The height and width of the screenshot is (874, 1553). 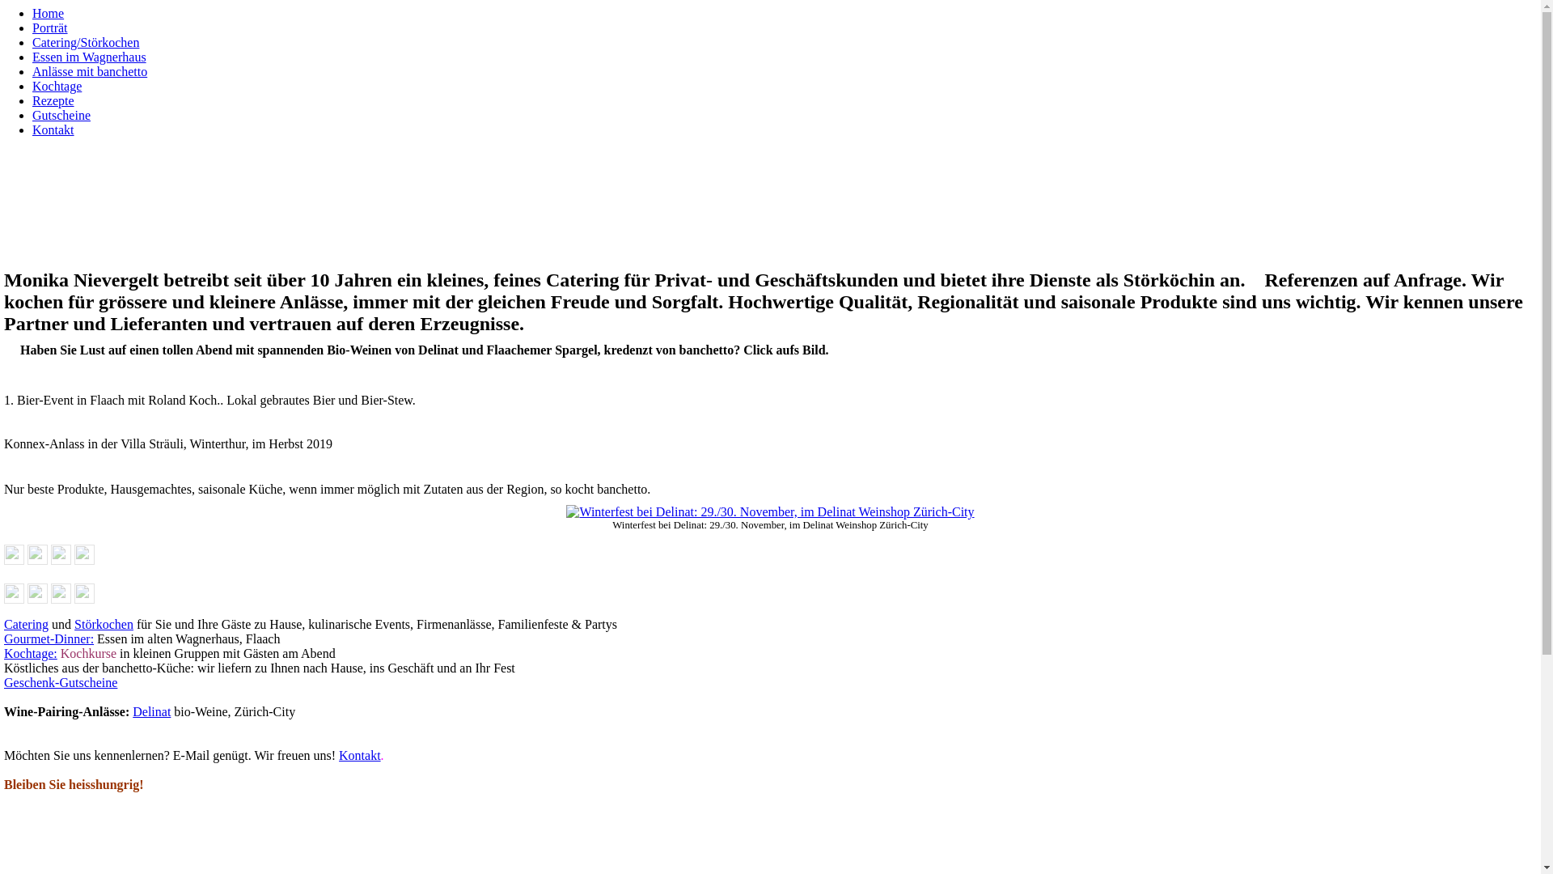 I want to click on 'Gourmet-Dinner:', so click(x=49, y=638).